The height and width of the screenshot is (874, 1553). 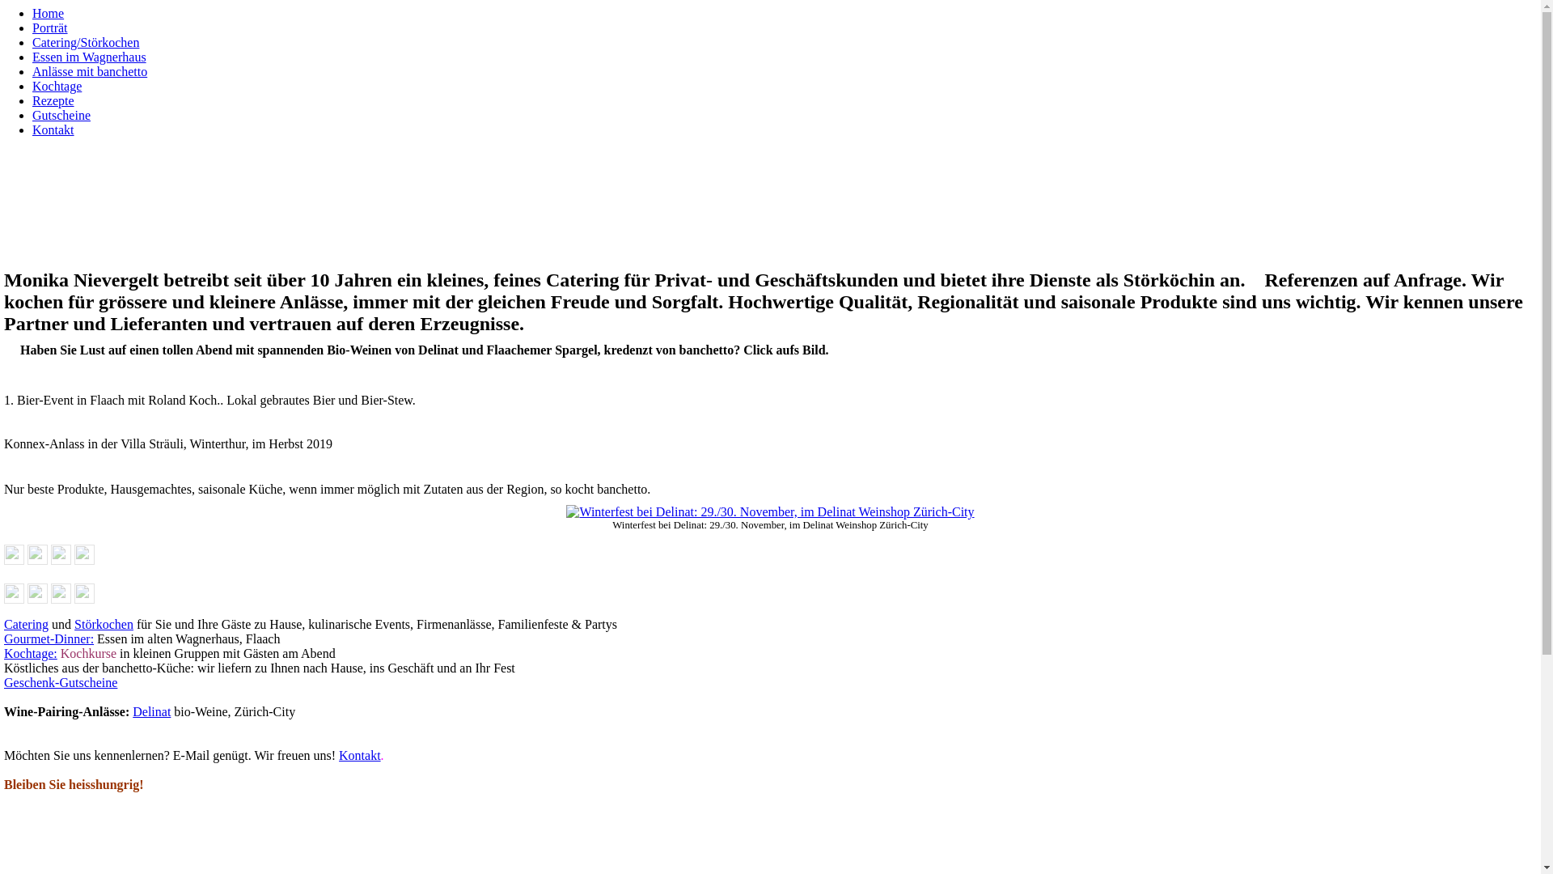 I want to click on 'Gourmet-Dinner:', so click(x=49, y=638).